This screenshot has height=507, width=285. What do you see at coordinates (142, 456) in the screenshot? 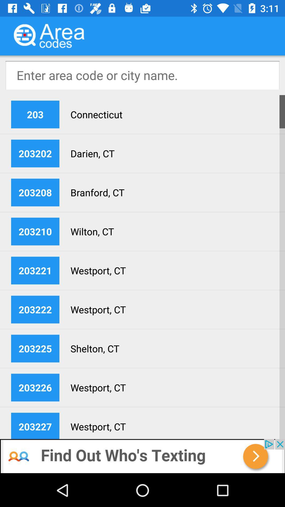
I see `view advertisements options` at bounding box center [142, 456].